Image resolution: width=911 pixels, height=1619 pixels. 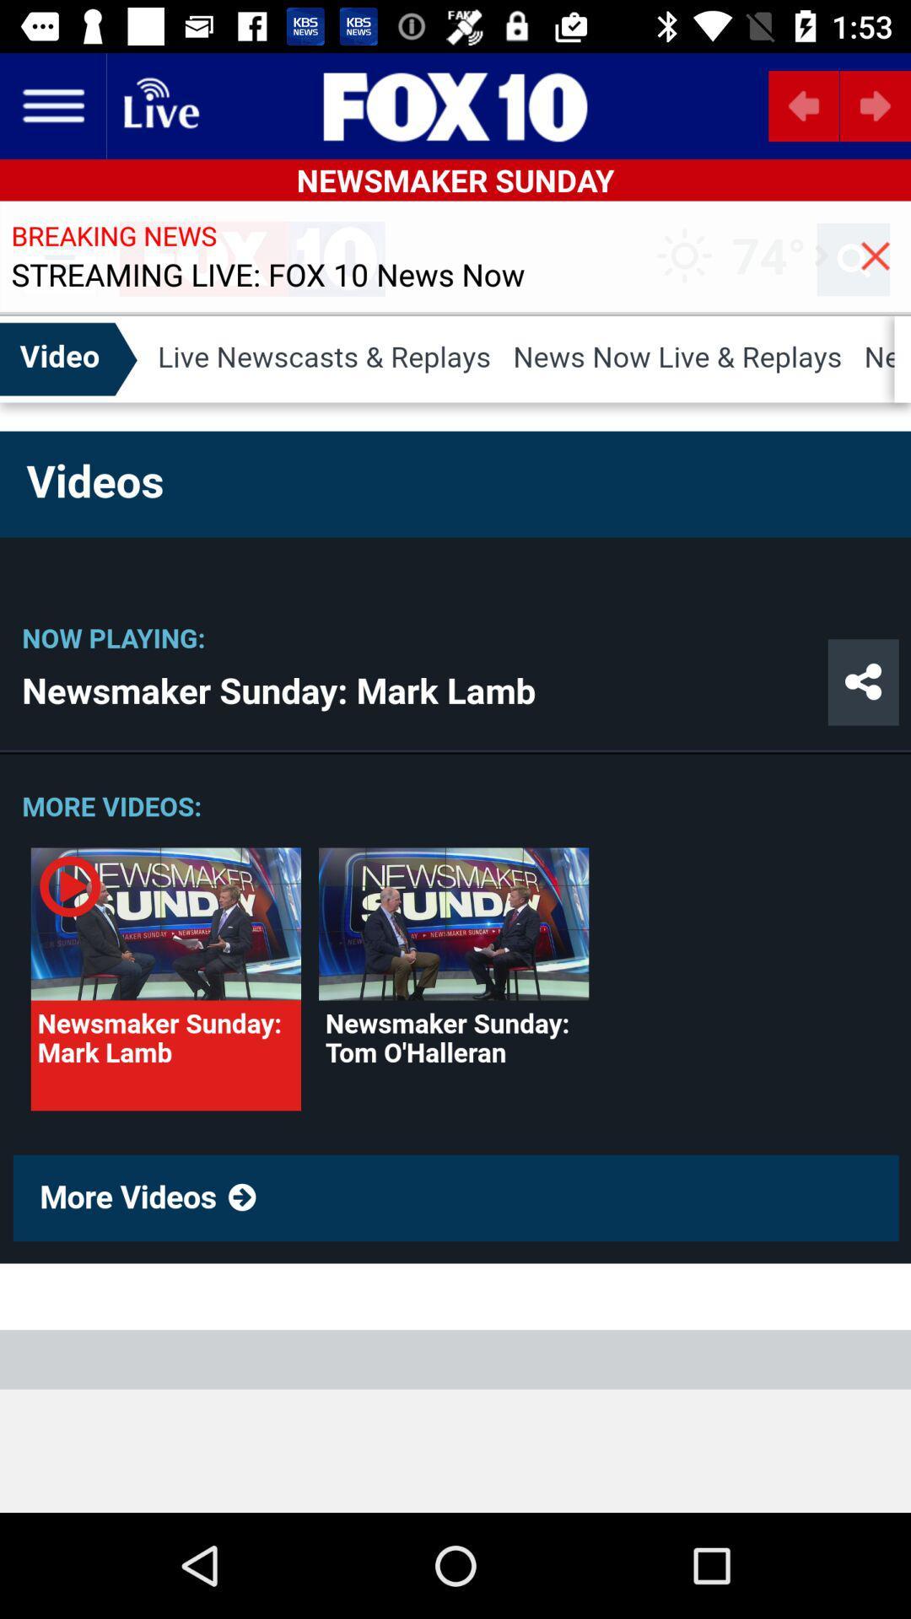 What do you see at coordinates (874, 105) in the screenshot?
I see `the arrow_forward icon` at bounding box center [874, 105].